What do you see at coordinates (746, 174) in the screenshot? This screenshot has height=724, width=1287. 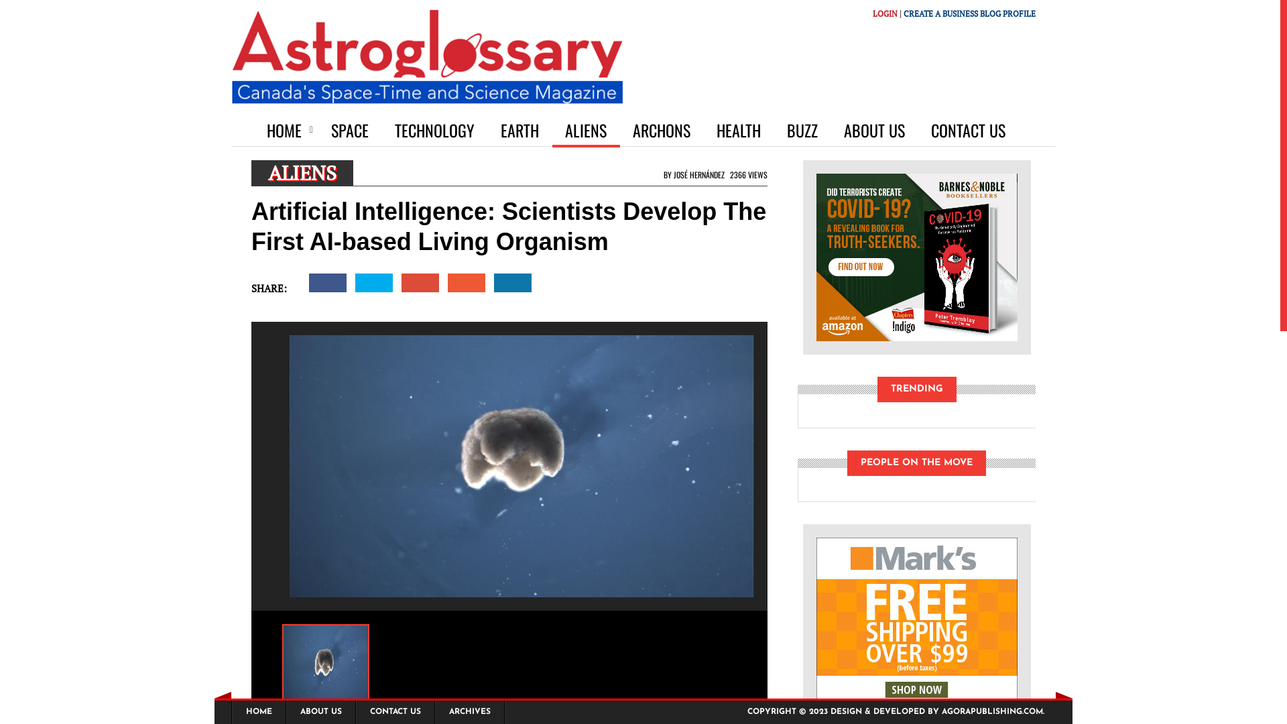 I see `'2366 VIEWS'` at bounding box center [746, 174].